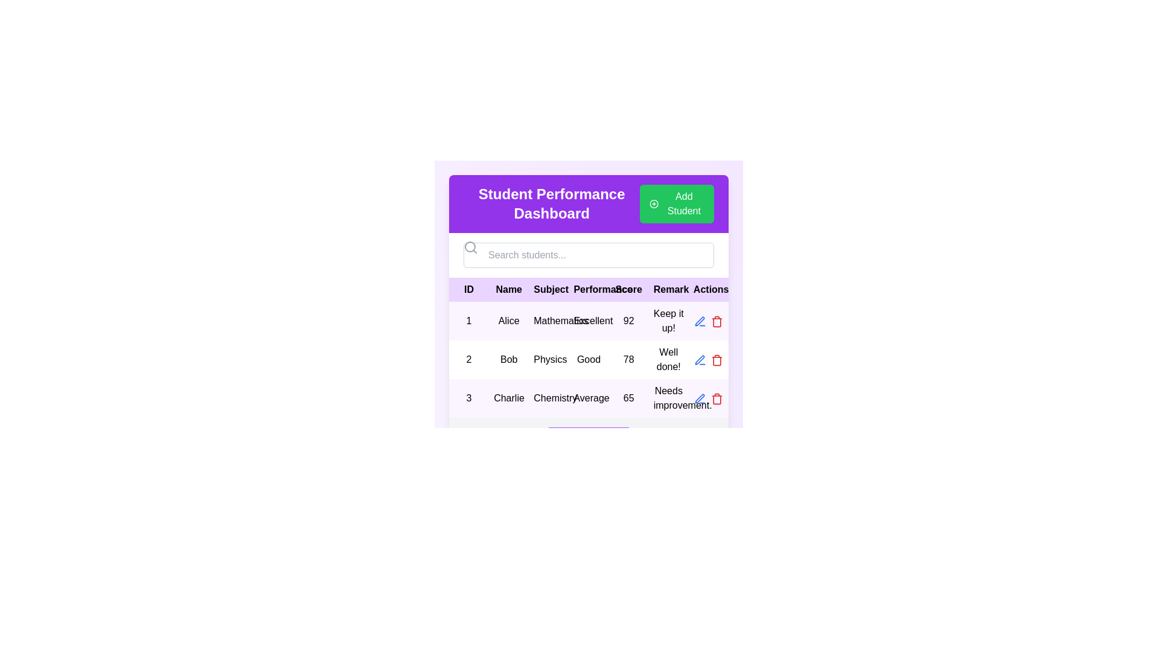 This screenshot has height=652, width=1159. I want to click on the Table Header Cell labeled 'Subject' in the Student Performance Dashboard, which is the third column header in a table of seven headers, so click(548, 289).